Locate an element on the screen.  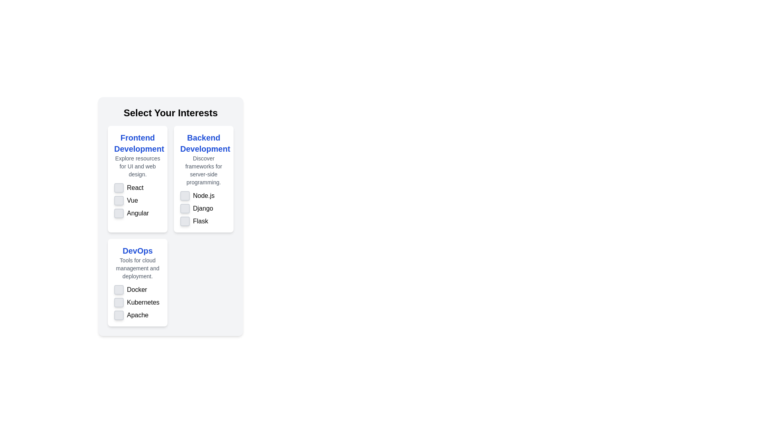
the text label displaying 'Django' located in the 'Backend Development' section, positioned beneath 'Node.js' and above 'Flask' is located at coordinates (203, 208).